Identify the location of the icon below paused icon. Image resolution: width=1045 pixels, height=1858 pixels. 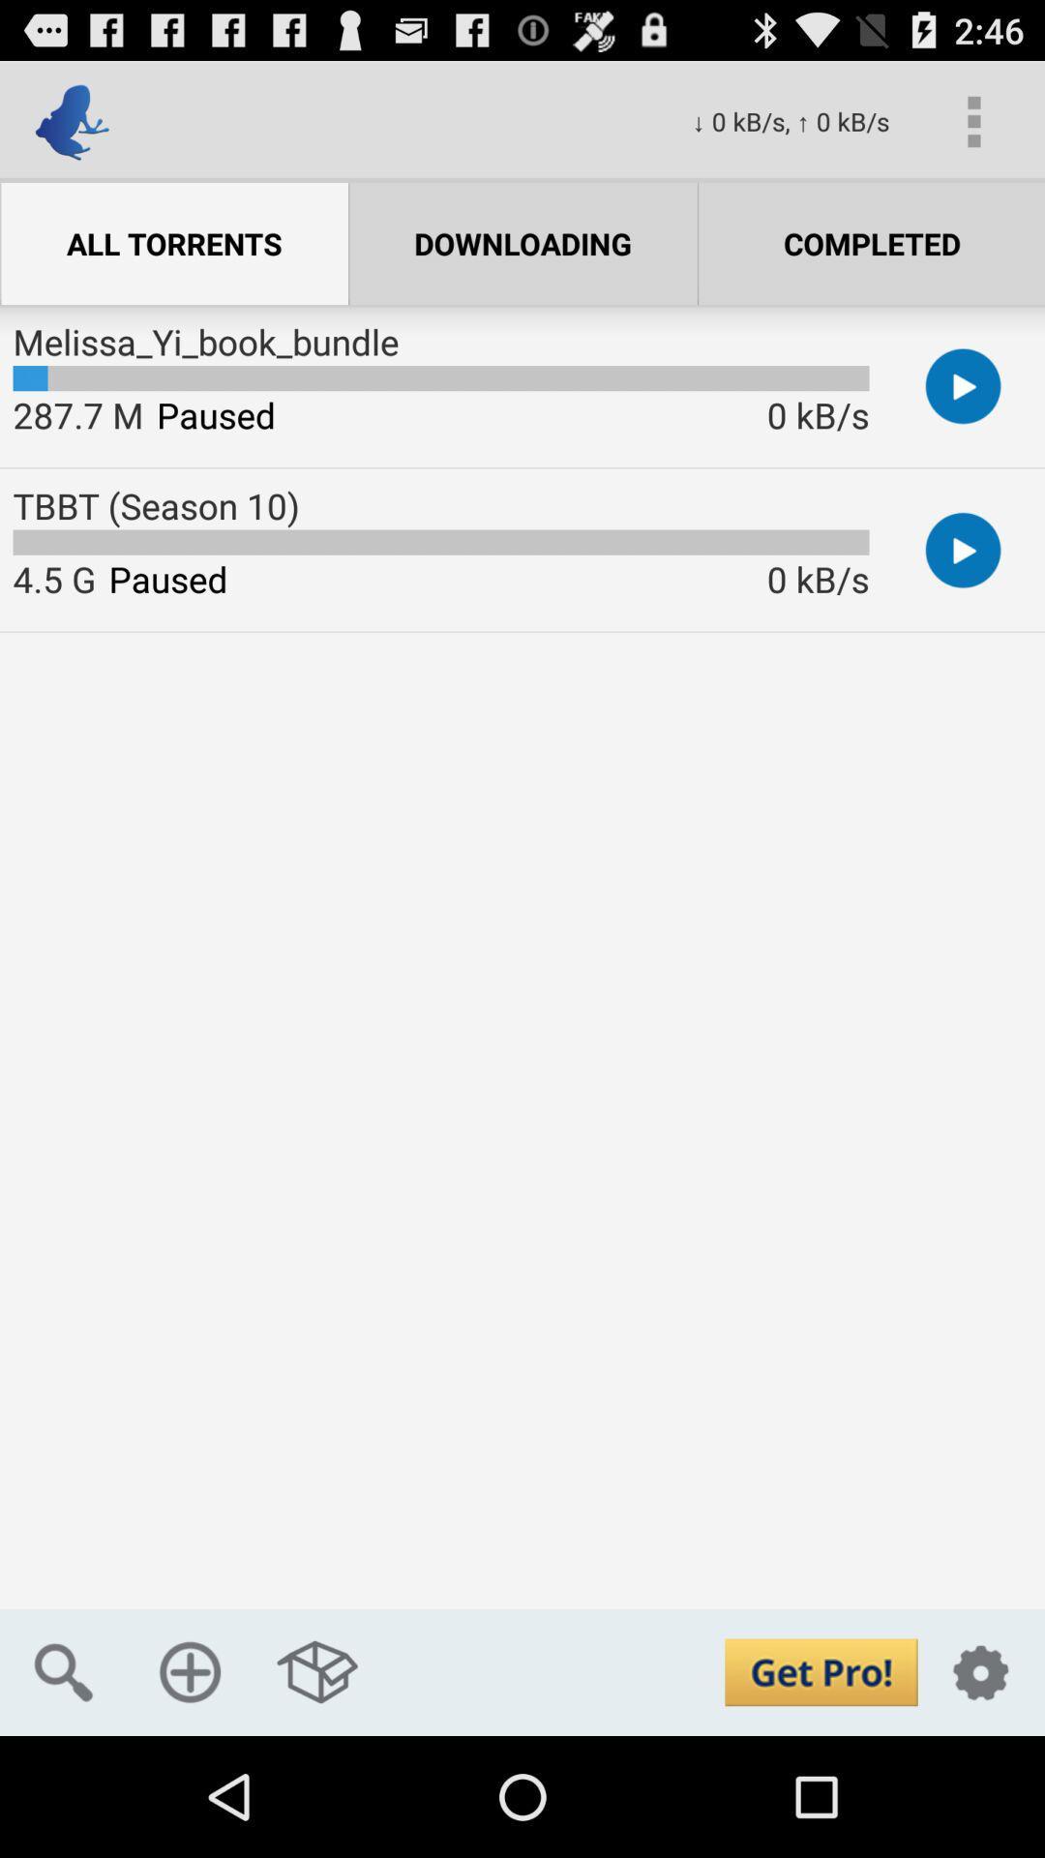
(316, 1671).